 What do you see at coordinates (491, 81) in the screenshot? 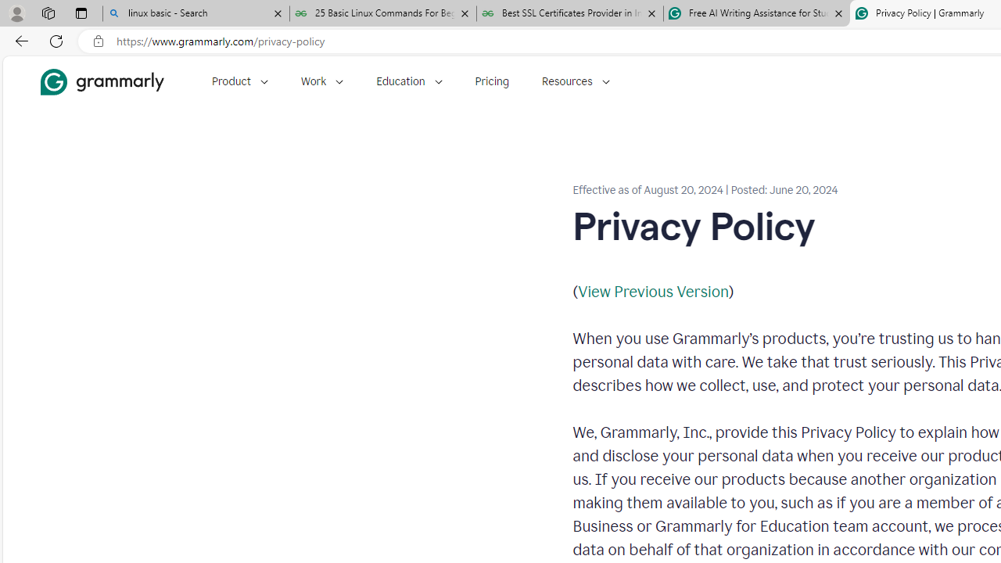
I see `'Pricing'` at bounding box center [491, 81].